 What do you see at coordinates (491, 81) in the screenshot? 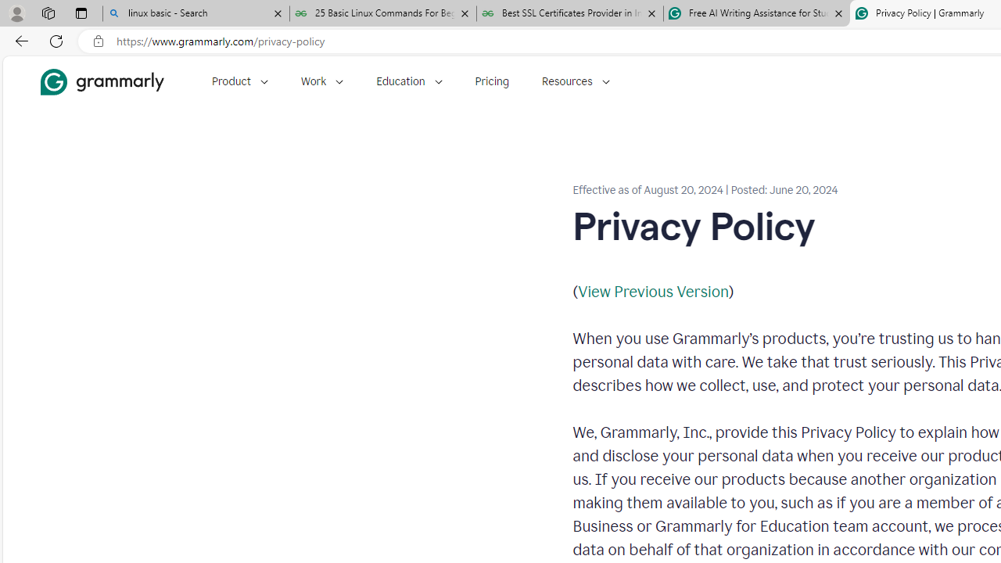
I see `'Pricing'` at bounding box center [491, 81].